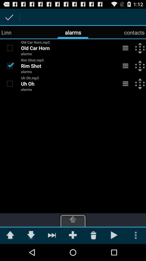 The height and width of the screenshot is (261, 146). I want to click on suond, so click(10, 48).